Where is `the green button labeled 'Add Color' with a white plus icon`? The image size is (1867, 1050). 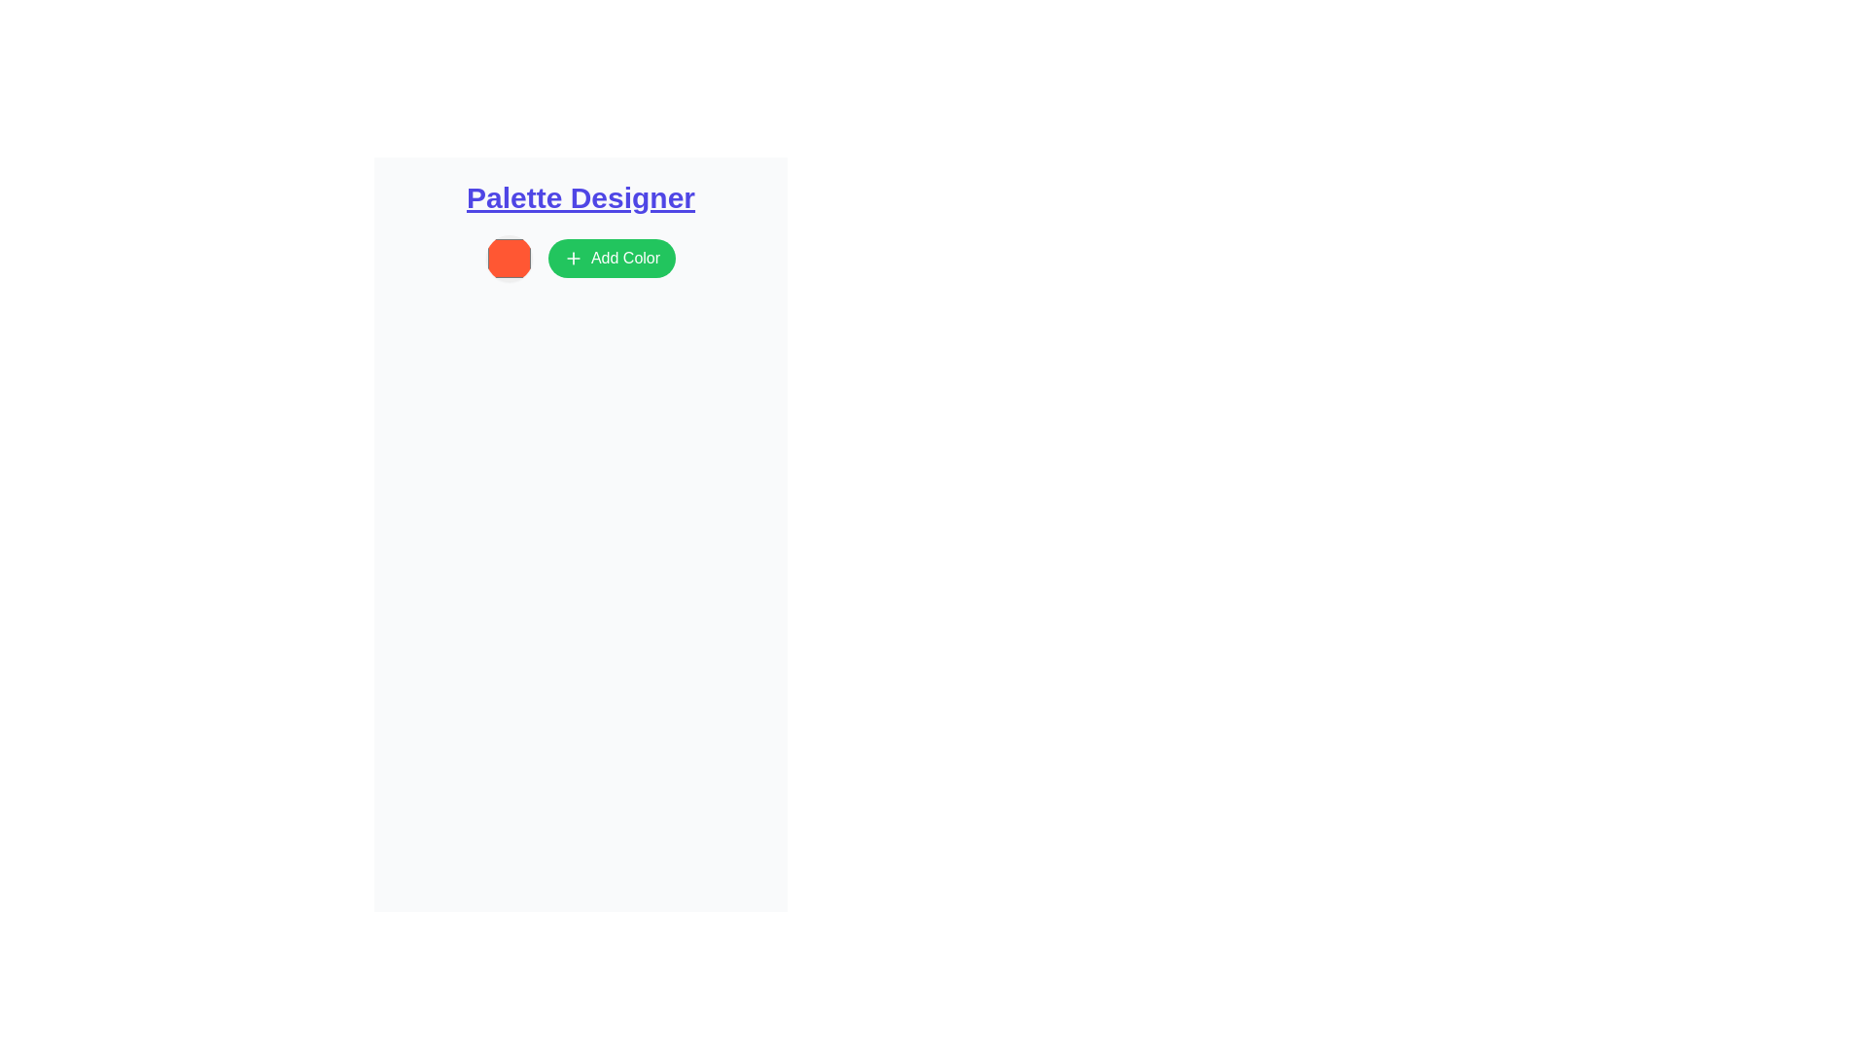
the green button labeled 'Add Color' with a white plus icon is located at coordinates (611, 258).